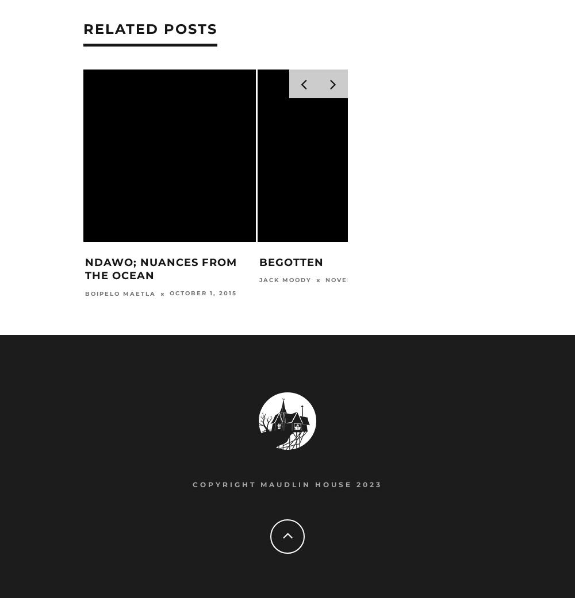 This screenshot has height=598, width=575. I want to click on 'Andrew Jason Jacono', so click(482, 280).